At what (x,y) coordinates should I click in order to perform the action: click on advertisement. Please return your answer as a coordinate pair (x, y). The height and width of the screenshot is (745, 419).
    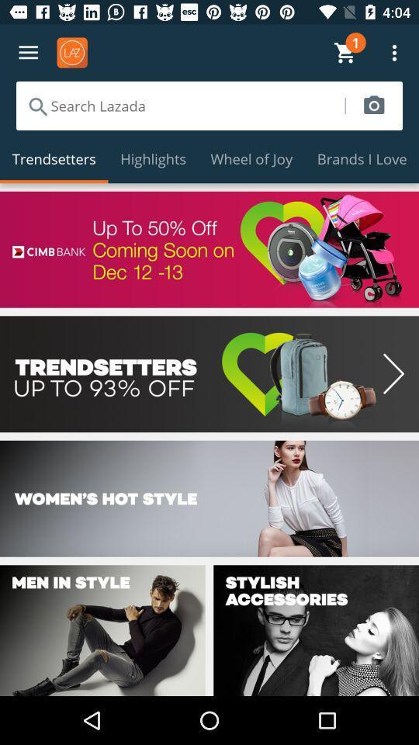
    Looking at the image, I should click on (209, 249).